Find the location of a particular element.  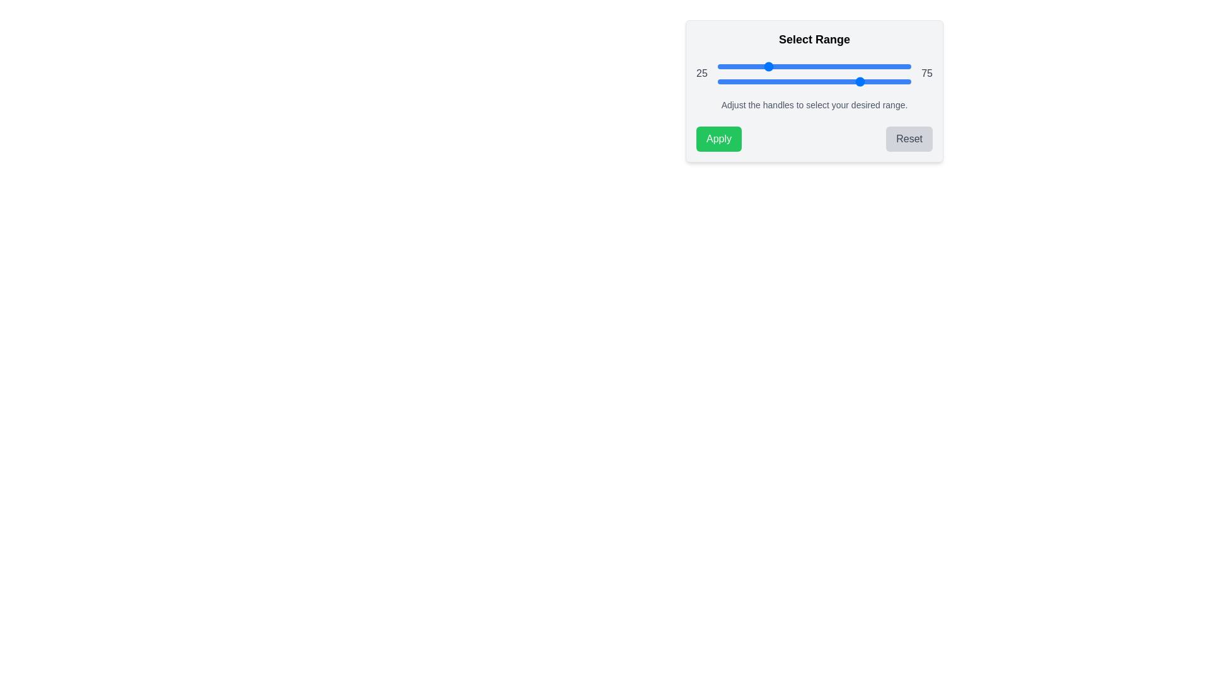

the slider value is located at coordinates (761, 82).